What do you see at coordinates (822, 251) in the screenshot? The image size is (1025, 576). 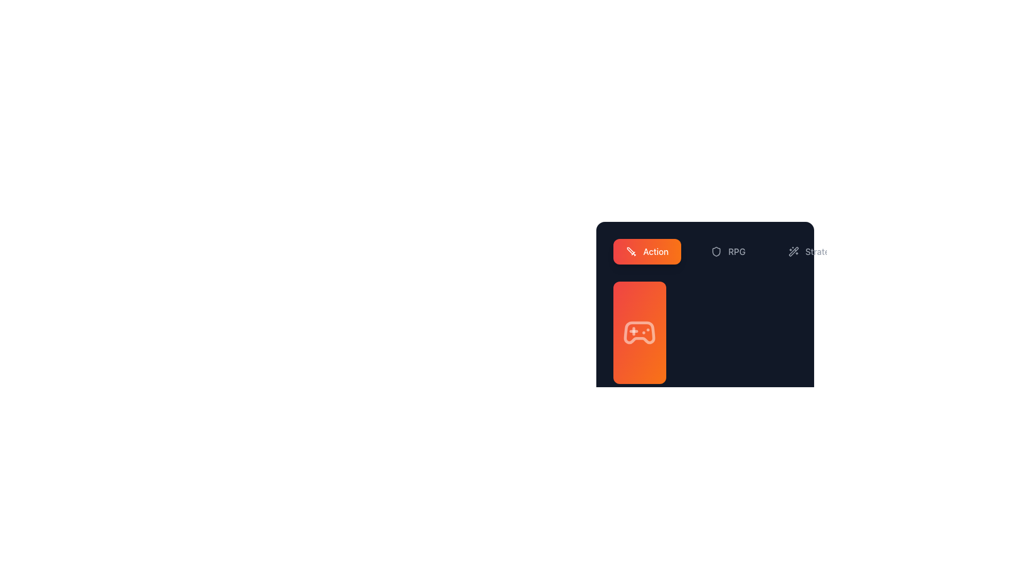 I see `the text label displaying 'Strategy', which is styled in light gray and positioned near a star icon in the top-right area of the interface` at bounding box center [822, 251].